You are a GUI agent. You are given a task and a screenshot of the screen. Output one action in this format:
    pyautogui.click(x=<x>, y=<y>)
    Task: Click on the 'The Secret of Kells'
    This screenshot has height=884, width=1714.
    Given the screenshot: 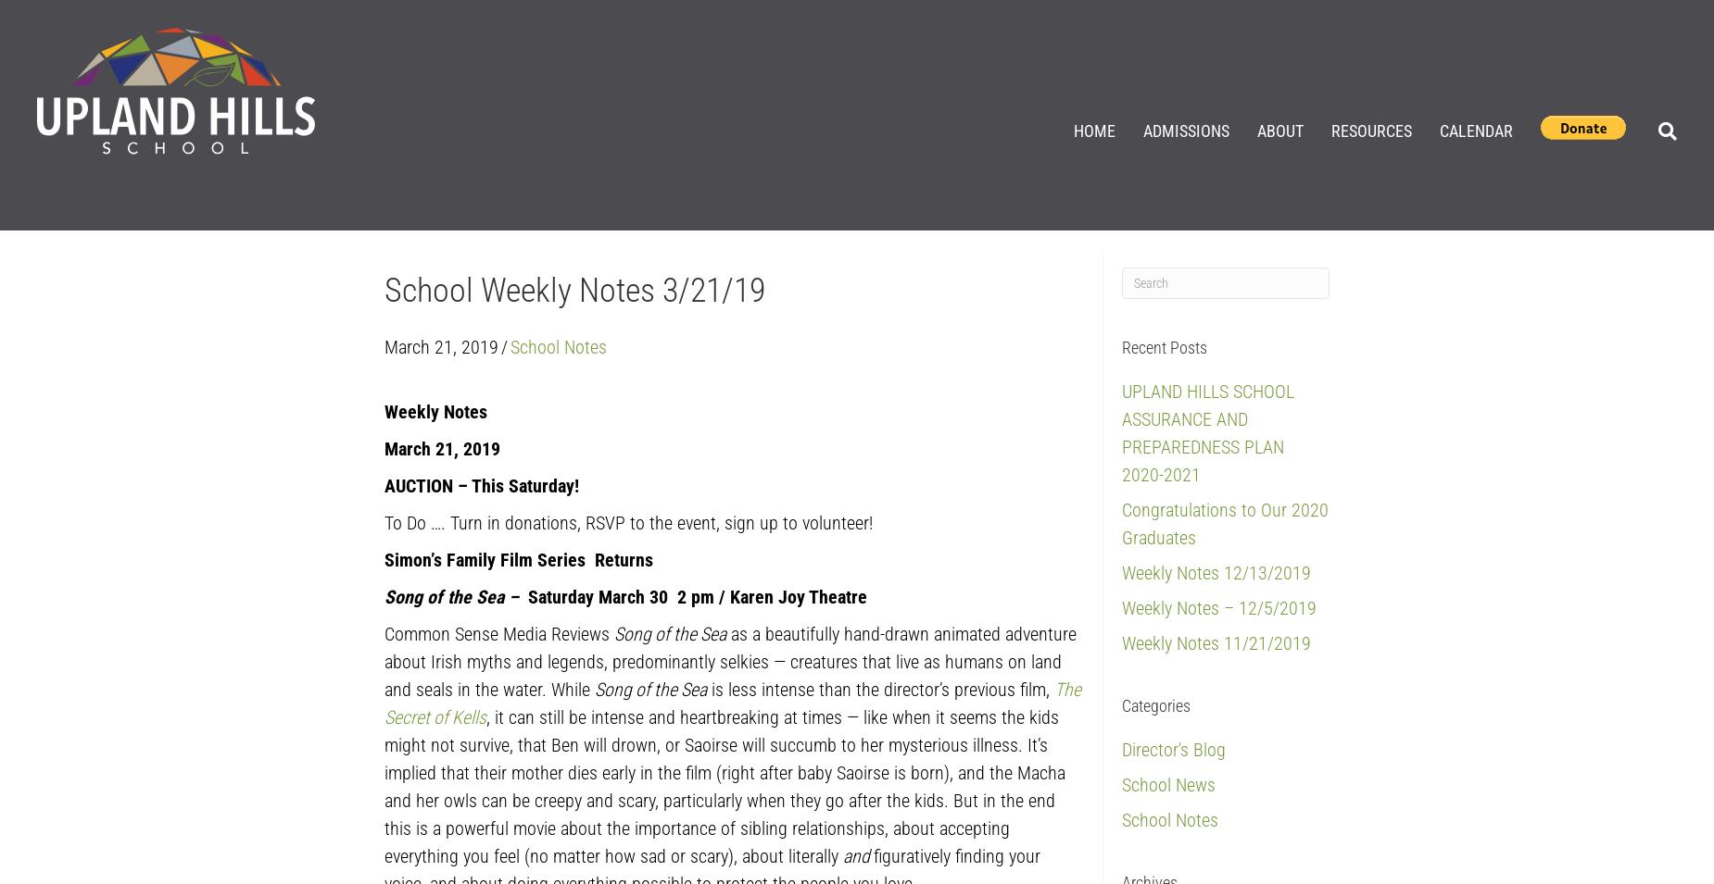 What is the action you would take?
    pyautogui.click(x=383, y=702)
    